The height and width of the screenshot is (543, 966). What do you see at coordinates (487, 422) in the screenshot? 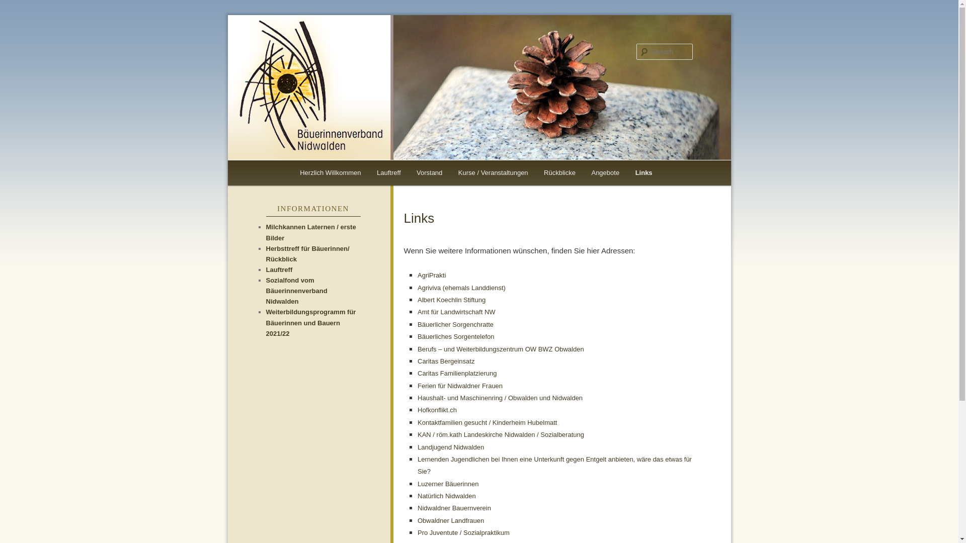
I see `'Kontaktfamilien gesucht / Kinderheim Hubelmatt'` at bounding box center [487, 422].